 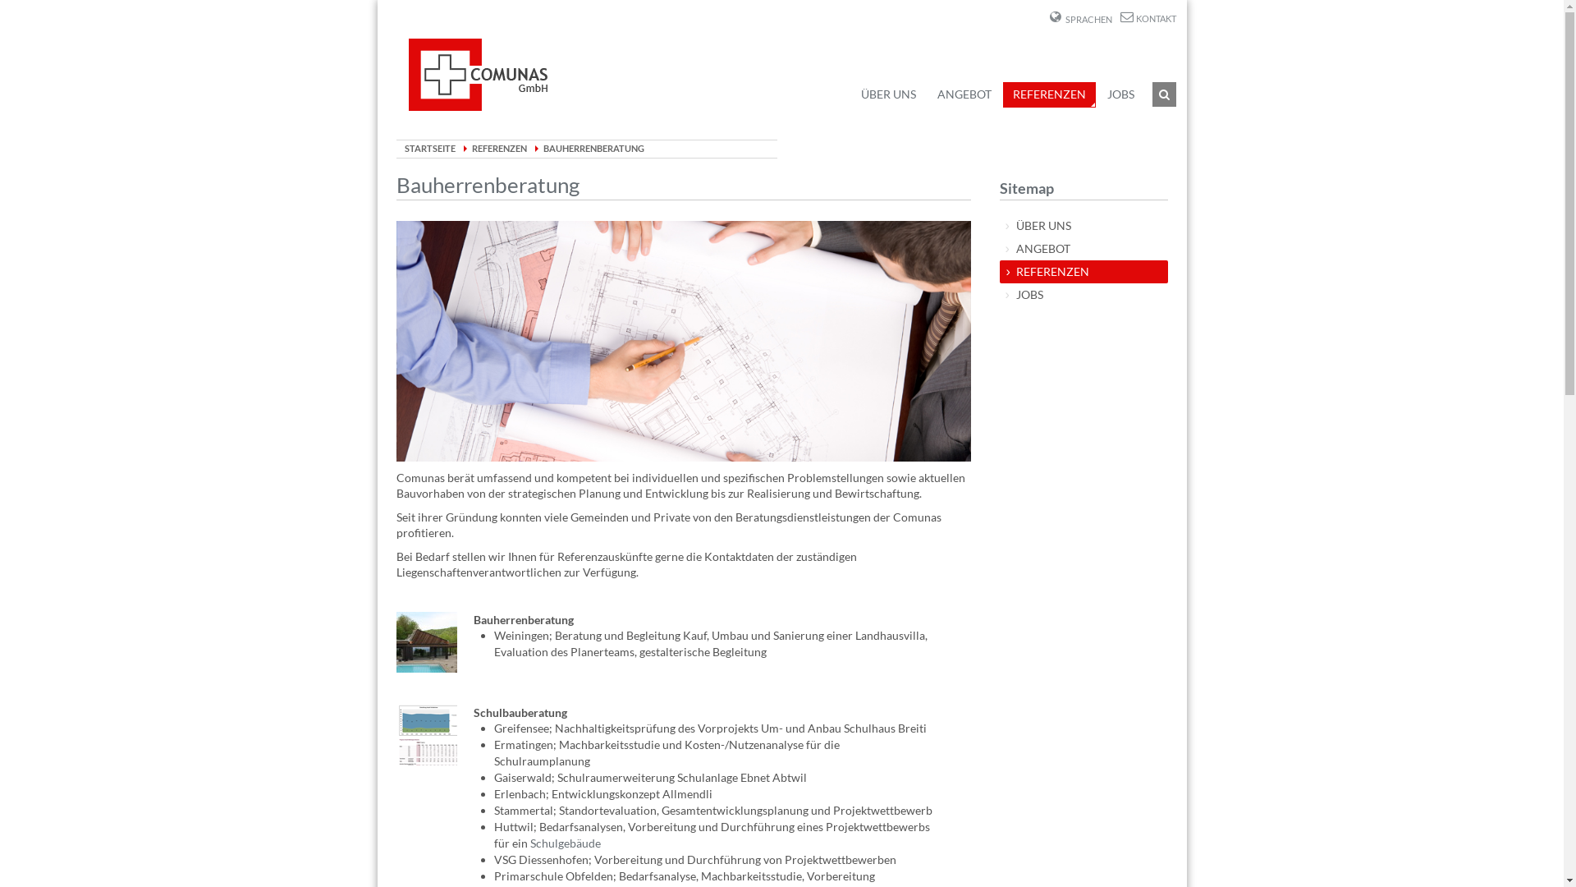 I want to click on 'ANGEBOT', so click(x=964, y=94).